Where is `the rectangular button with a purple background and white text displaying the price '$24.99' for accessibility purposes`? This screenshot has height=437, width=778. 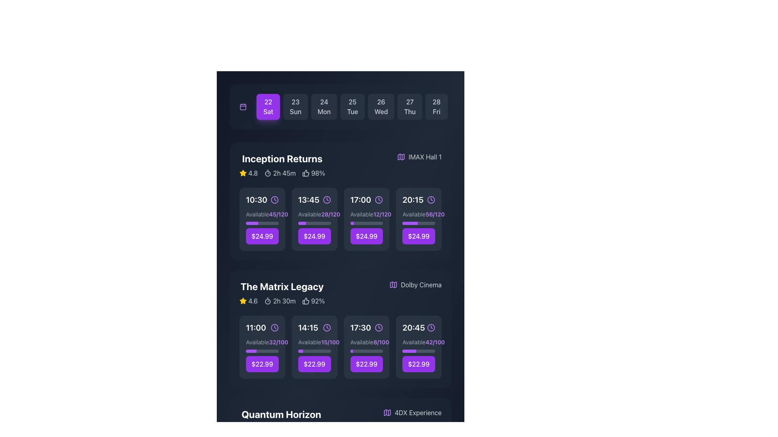
the rectangular button with a purple background and white text displaying the price '$24.99' for accessibility purposes is located at coordinates (262, 236).